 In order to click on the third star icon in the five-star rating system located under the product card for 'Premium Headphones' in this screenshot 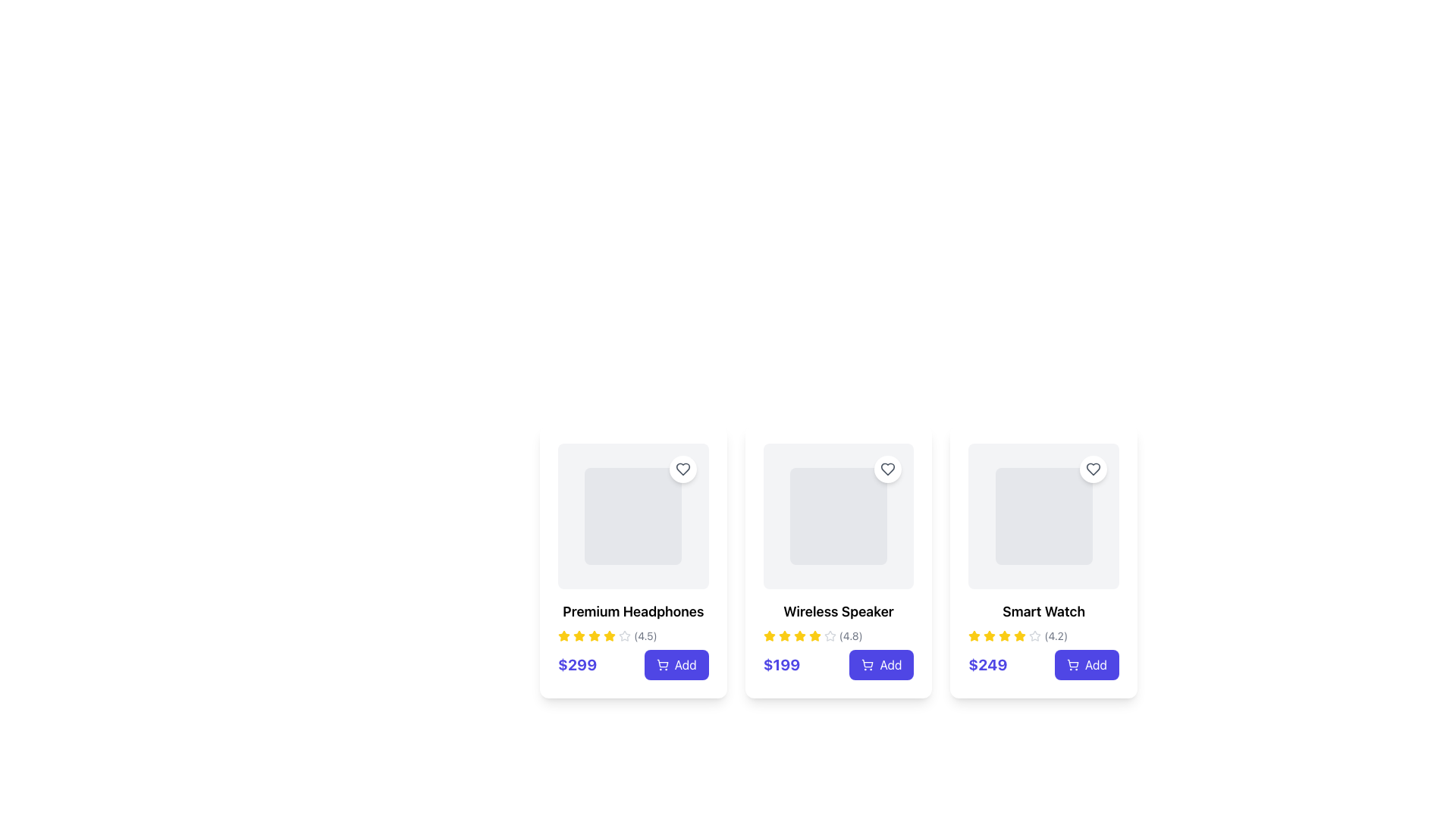, I will do `click(610, 635)`.